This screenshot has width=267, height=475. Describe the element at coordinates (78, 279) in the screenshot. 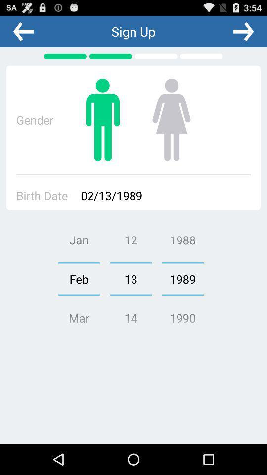

I see `feb` at that location.